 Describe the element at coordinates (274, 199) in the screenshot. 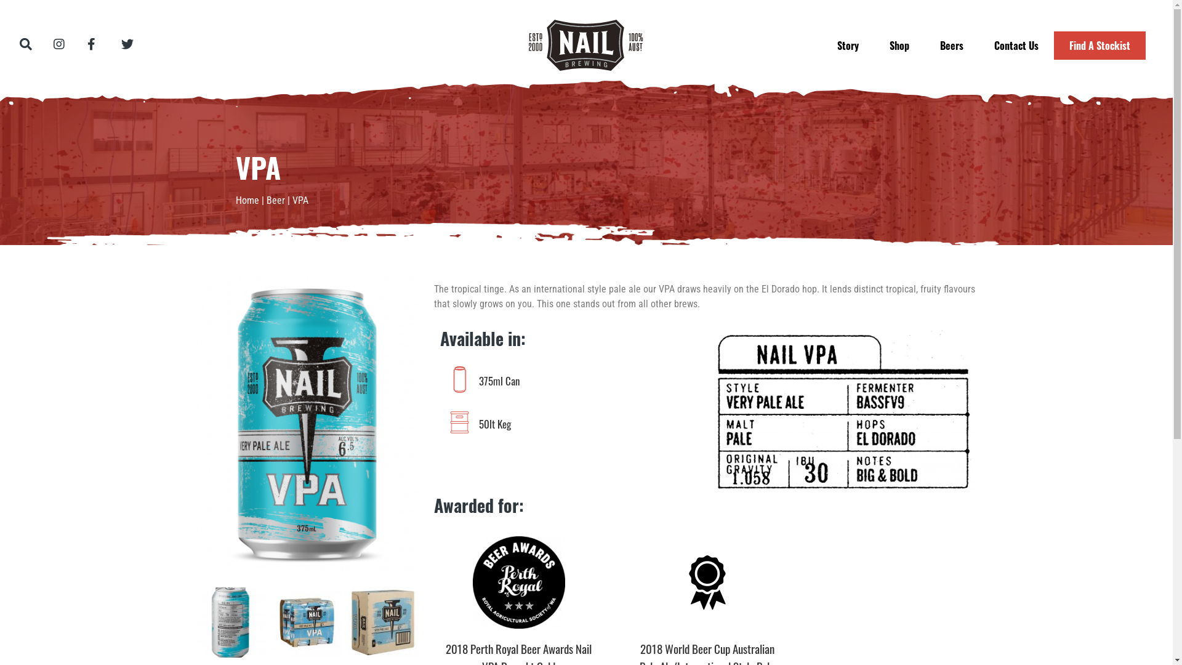

I see `'Beer'` at that location.